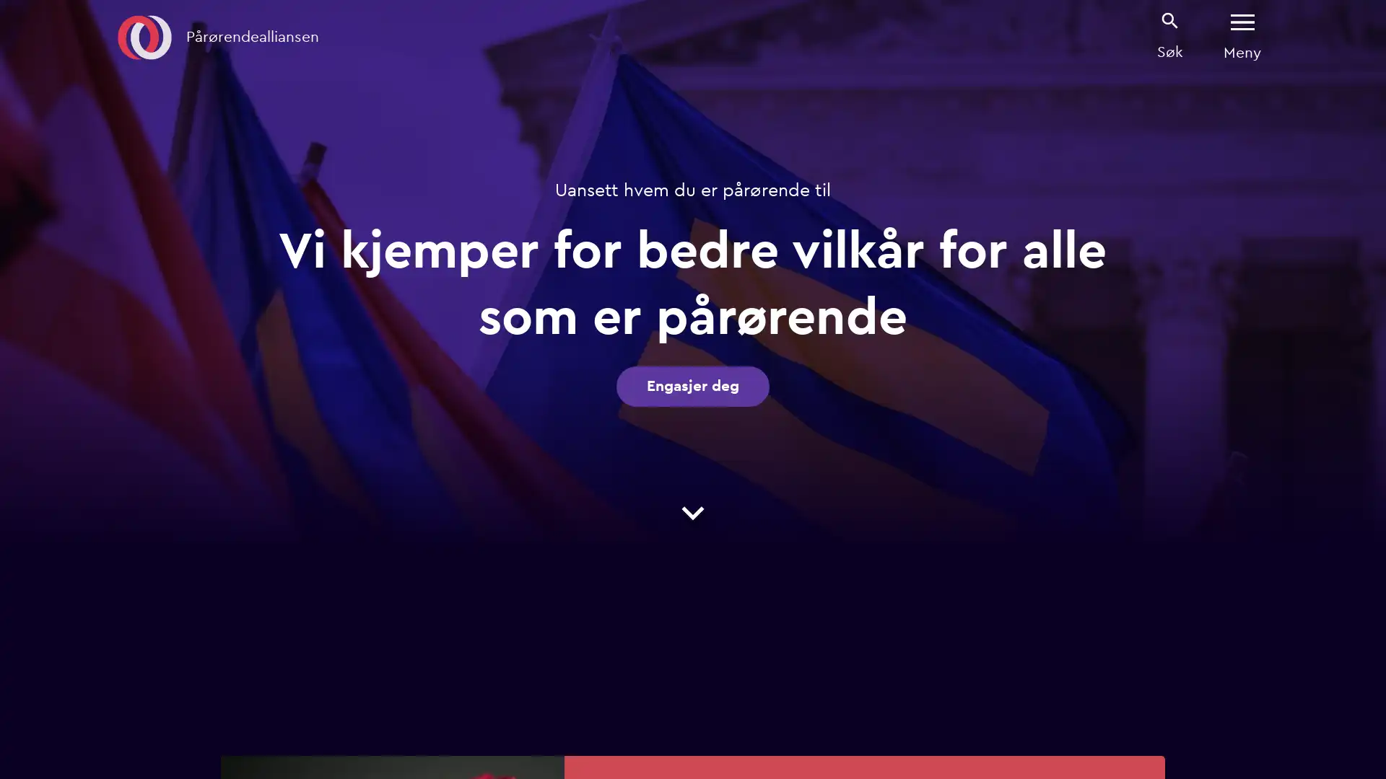 This screenshot has height=779, width=1386. Describe the element at coordinates (1242, 36) in the screenshot. I see `Meny` at that location.